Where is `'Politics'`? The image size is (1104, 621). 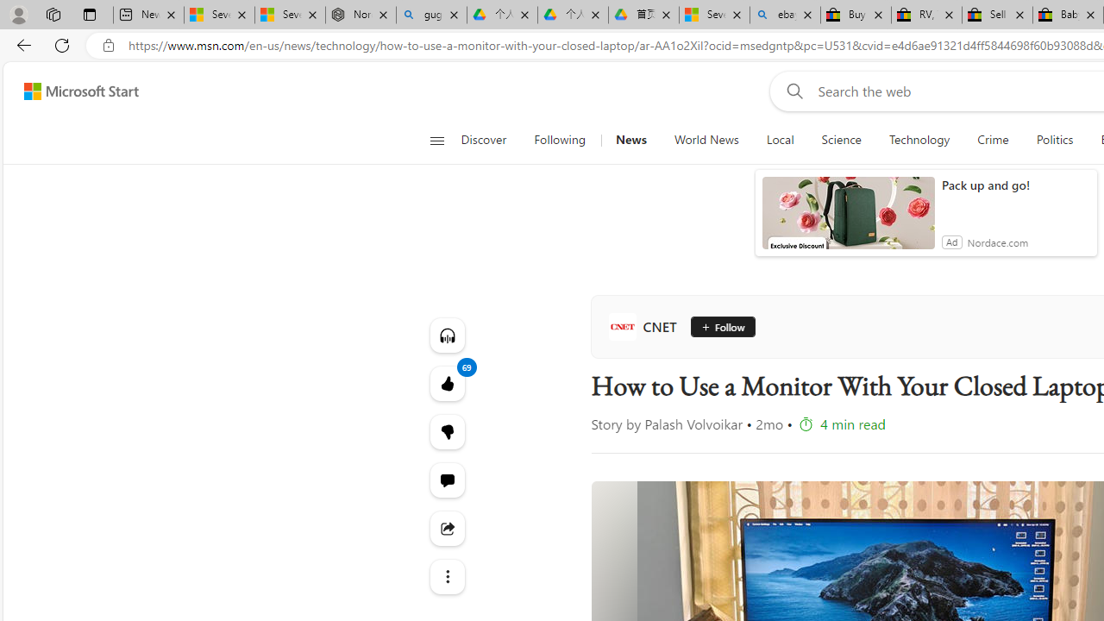 'Politics' is located at coordinates (1054, 140).